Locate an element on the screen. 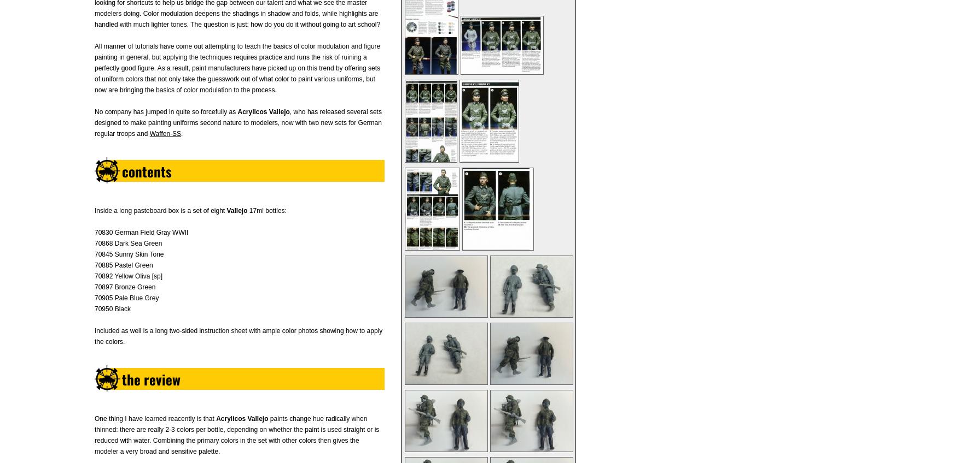 The width and height of the screenshot is (977, 463). '70868 Dark Sea Green' is located at coordinates (127, 242).